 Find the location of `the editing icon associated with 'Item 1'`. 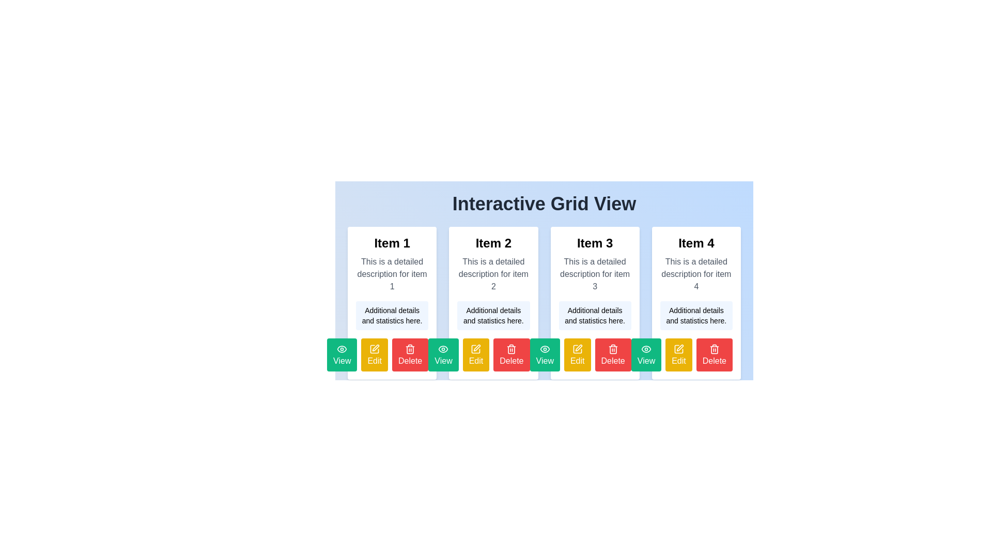

the editing icon associated with 'Item 1' is located at coordinates (374, 349).